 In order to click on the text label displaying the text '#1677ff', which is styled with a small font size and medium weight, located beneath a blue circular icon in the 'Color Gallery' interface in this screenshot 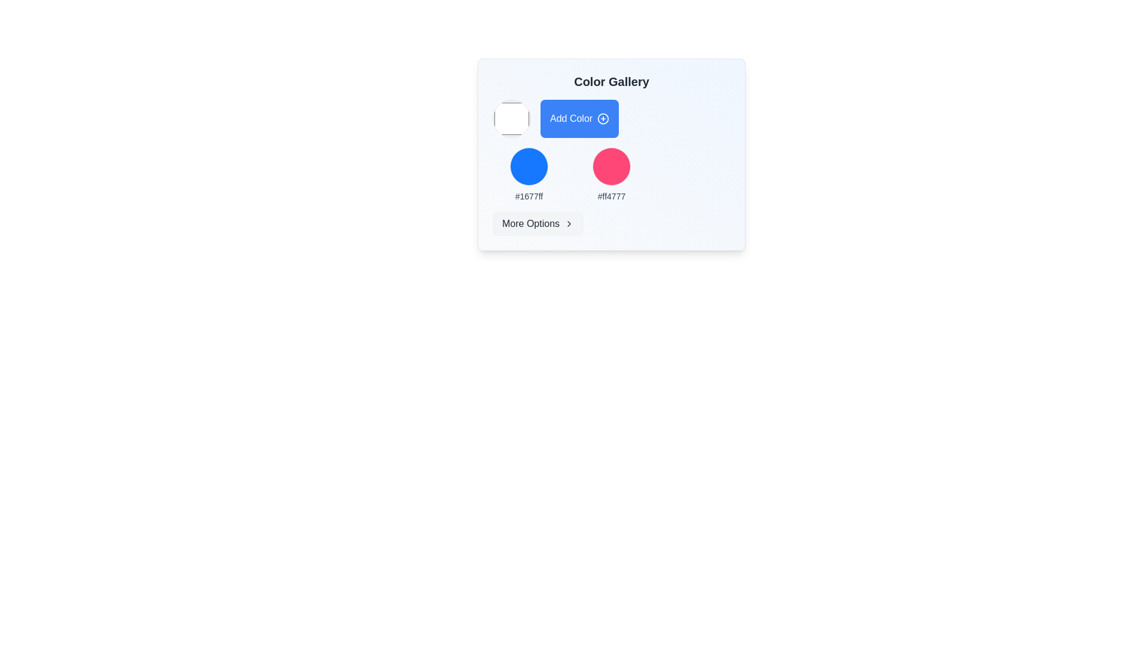, I will do `click(528, 195)`.